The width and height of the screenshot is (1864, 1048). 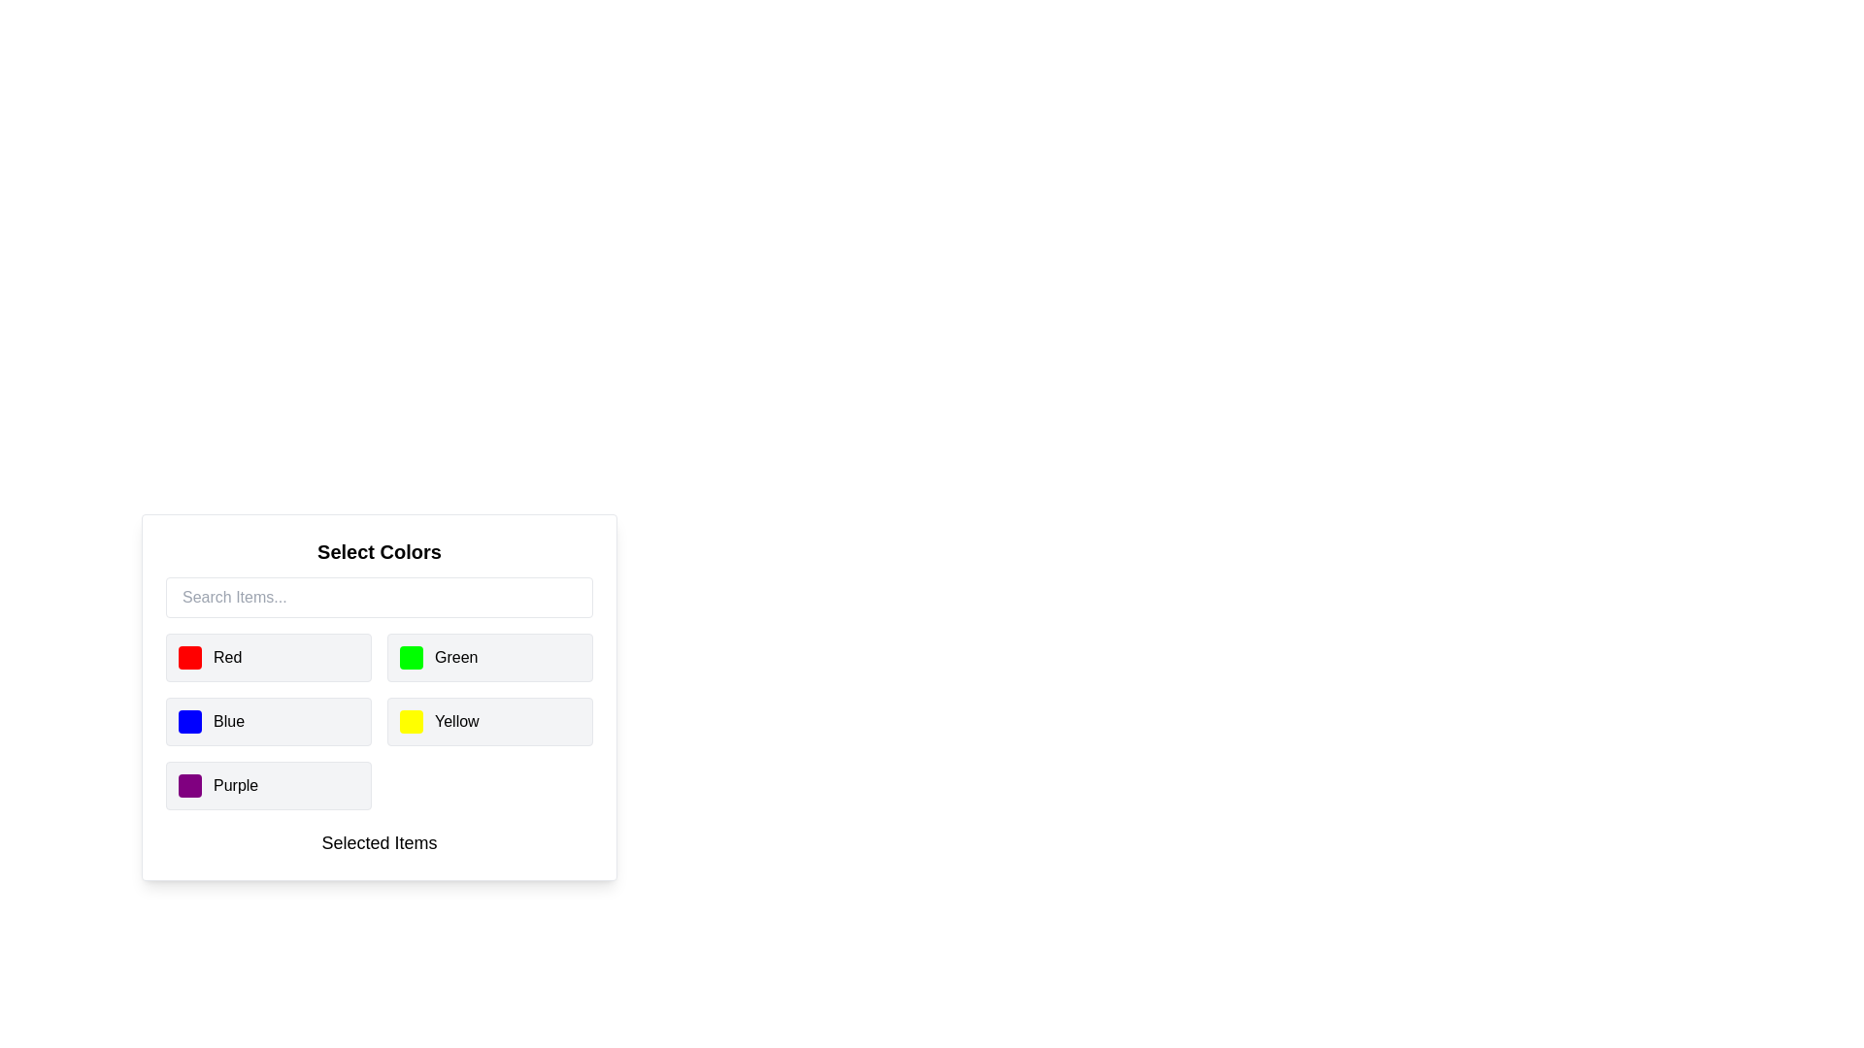 What do you see at coordinates (212, 722) in the screenshot?
I see `the label with a round blue icon and the text 'Blue', positioned in the second row, first column of the grid under the 'Select Colors' header` at bounding box center [212, 722].